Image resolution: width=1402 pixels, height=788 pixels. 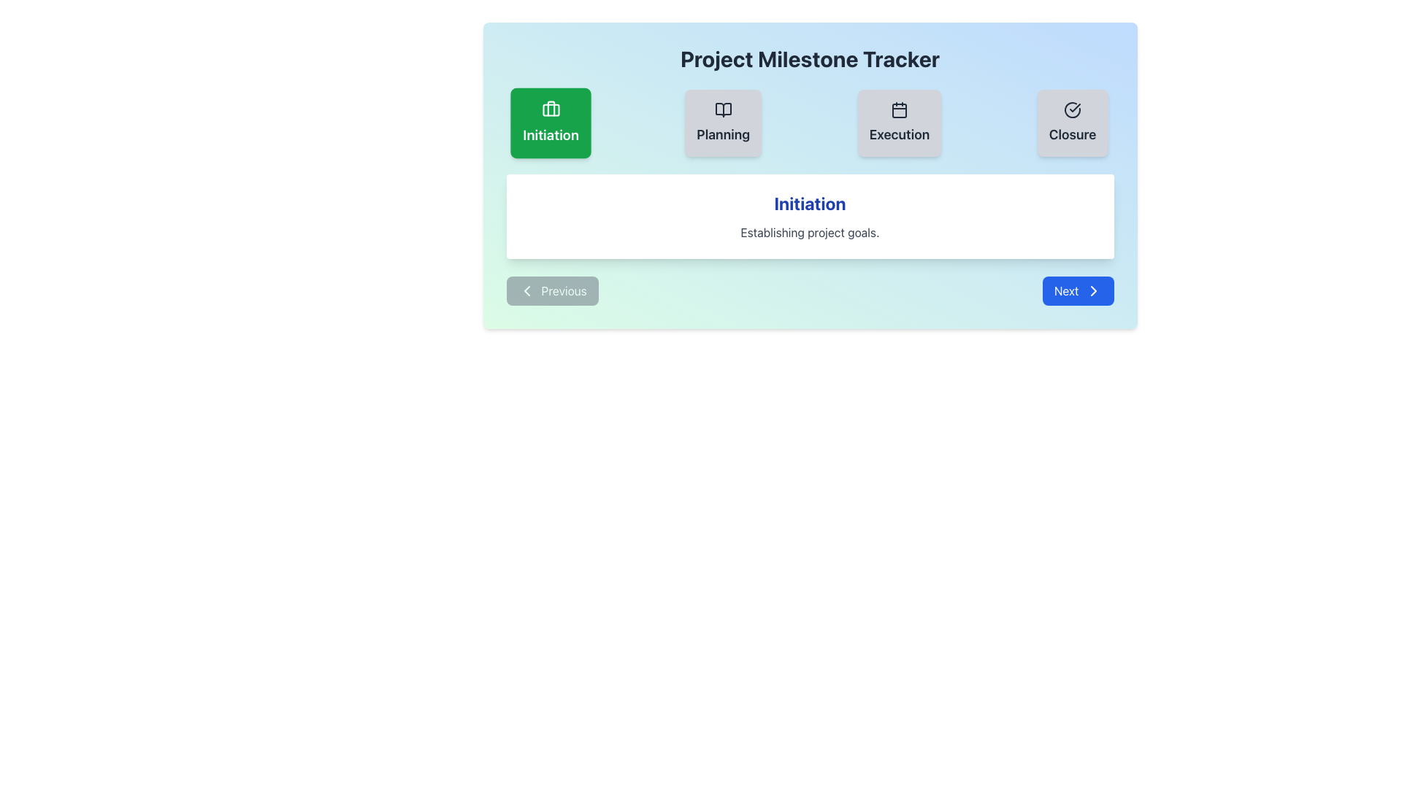 What do you see at coordinates (1093, 290) in the screenshot?
I see `the chevron-right icon located within the 'Next' button at the bottom-right corner of the interface` at bounding box center [1093, 290].